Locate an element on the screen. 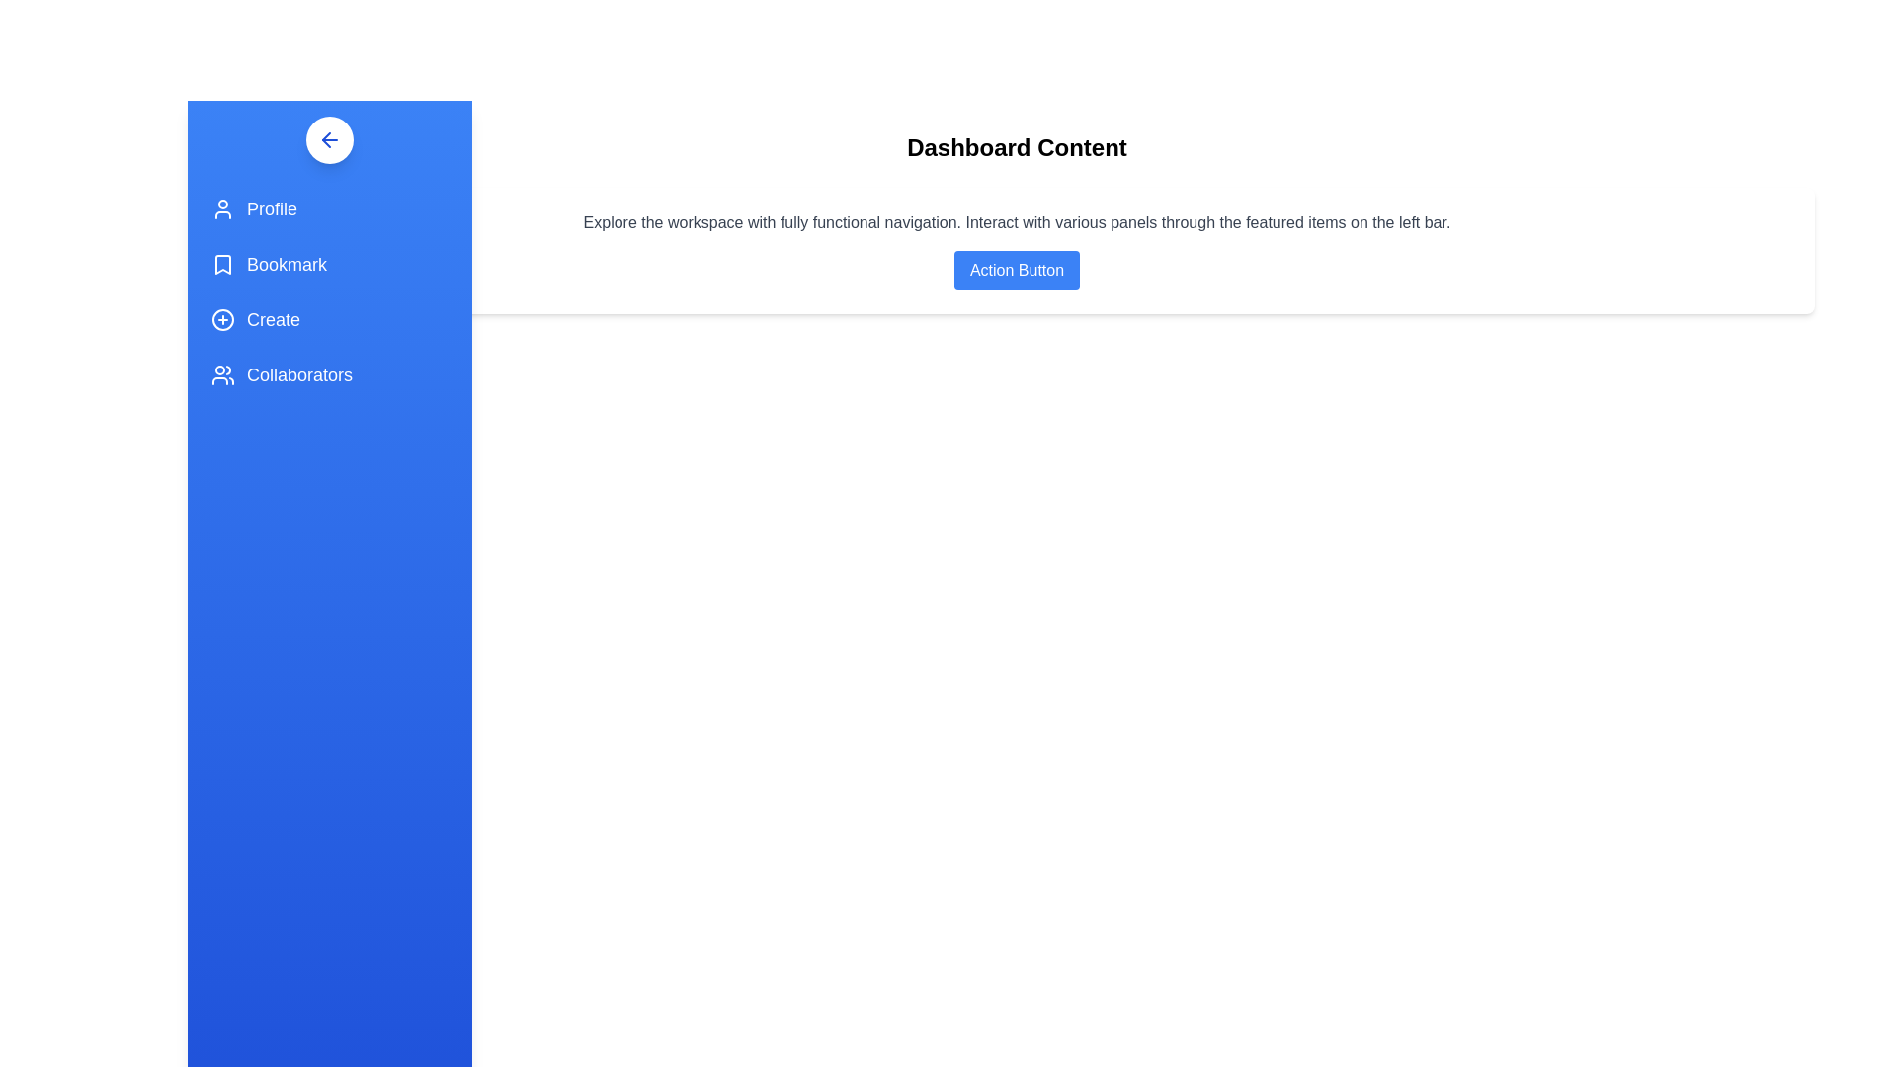  the button with an arrow to toggle the side panel visibility is located at coordinates (330, 139).